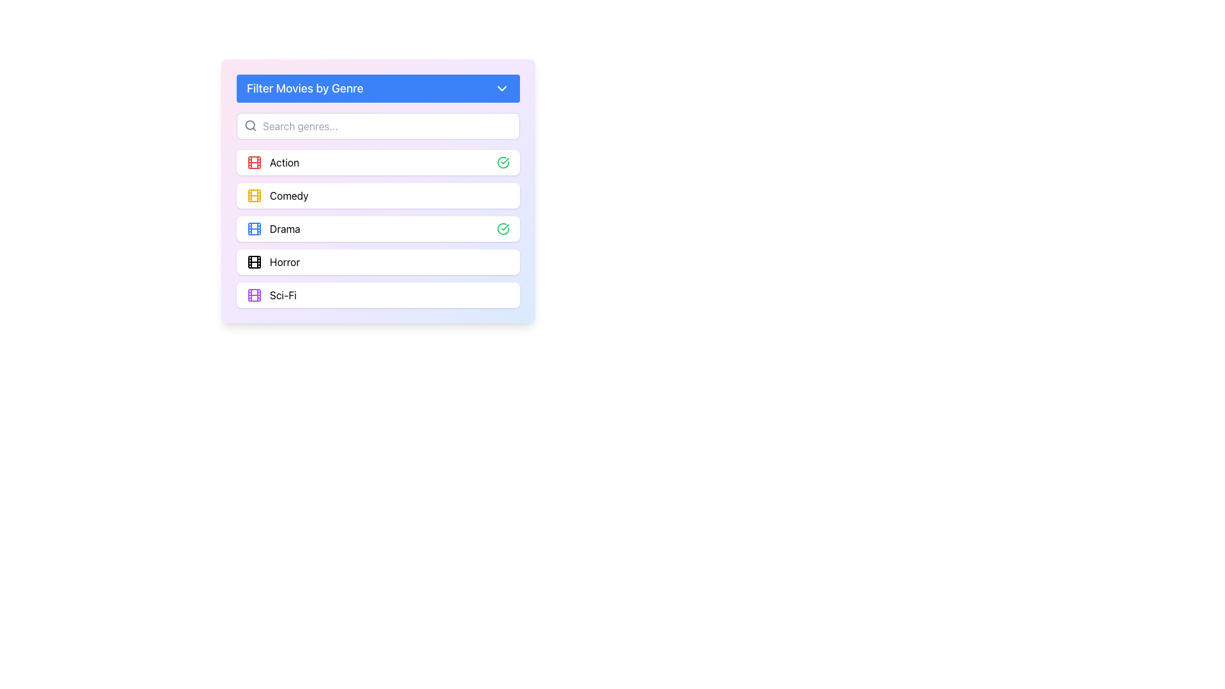  What do you see at coordinates (272, 262) in the screenshot?
I see `the text label with the word 'Horror' and the adjacent film strip icon, which is the fourth item in the vertical list of genre options` at bounding box center [272, 262].